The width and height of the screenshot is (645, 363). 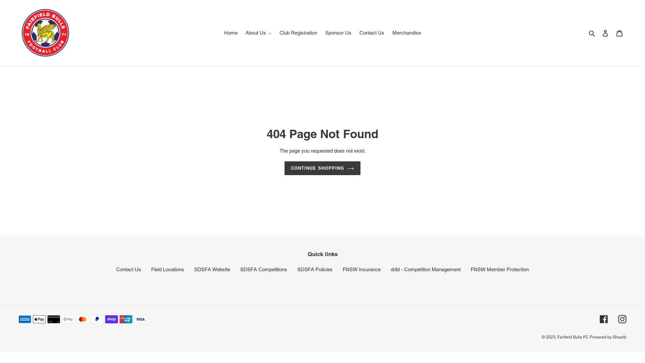 I want to click on 'Contact Us', so click(x=129, y=269).